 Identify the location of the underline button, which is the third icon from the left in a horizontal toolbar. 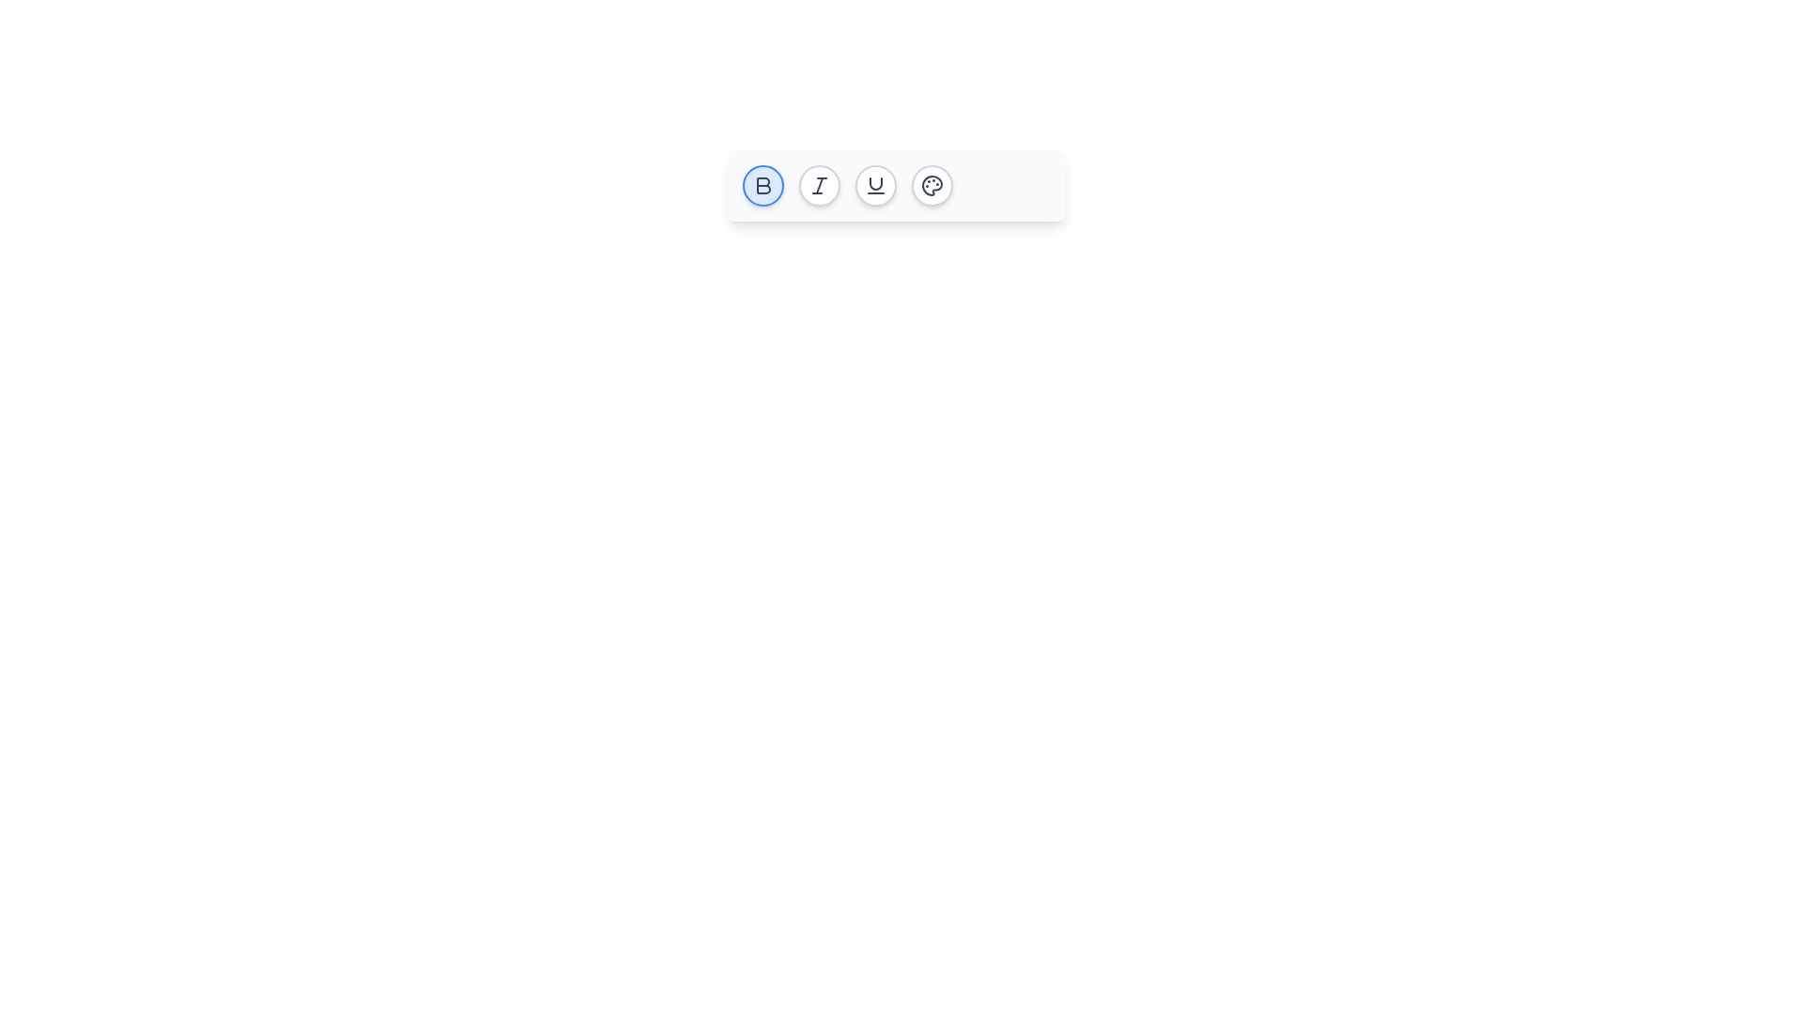
(874, 185).